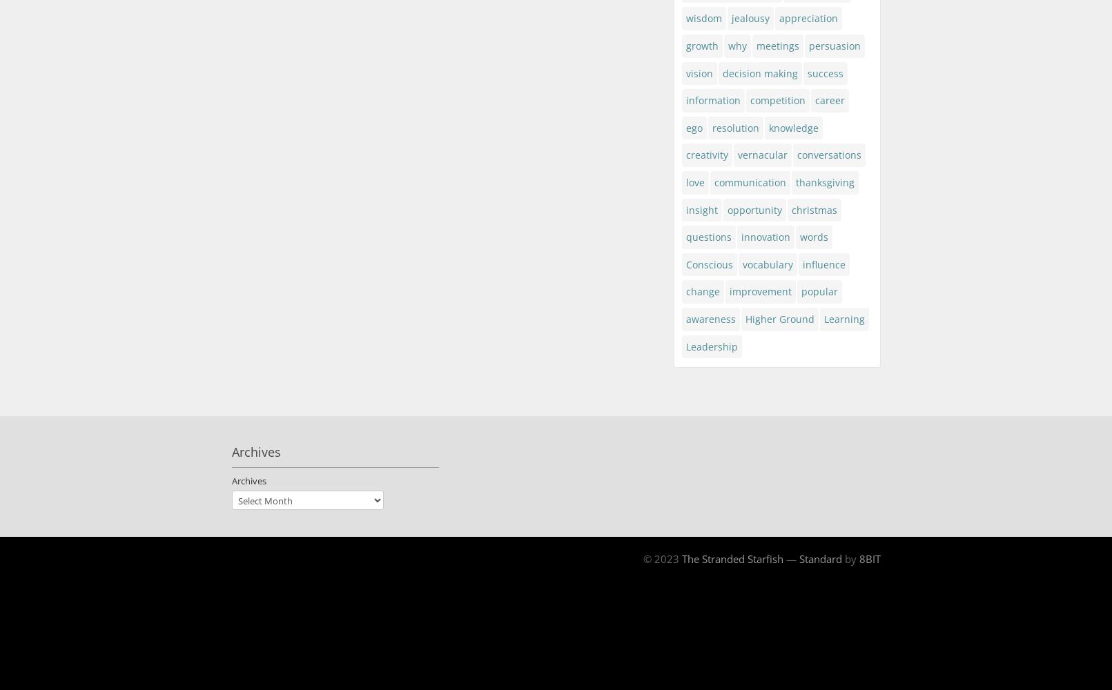 Image resolution: width=1112 pixels, height=690 pixels. I want to click on 'vision', so click(699, 72).